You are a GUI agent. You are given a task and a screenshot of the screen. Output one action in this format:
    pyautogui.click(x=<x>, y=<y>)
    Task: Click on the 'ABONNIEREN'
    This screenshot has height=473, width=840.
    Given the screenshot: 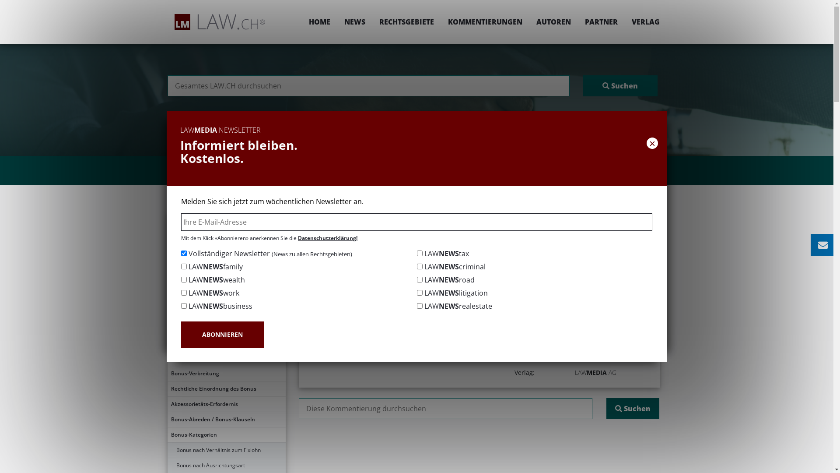 What is the action you would take?
    pyautogui.click(x=222, y=334)
    